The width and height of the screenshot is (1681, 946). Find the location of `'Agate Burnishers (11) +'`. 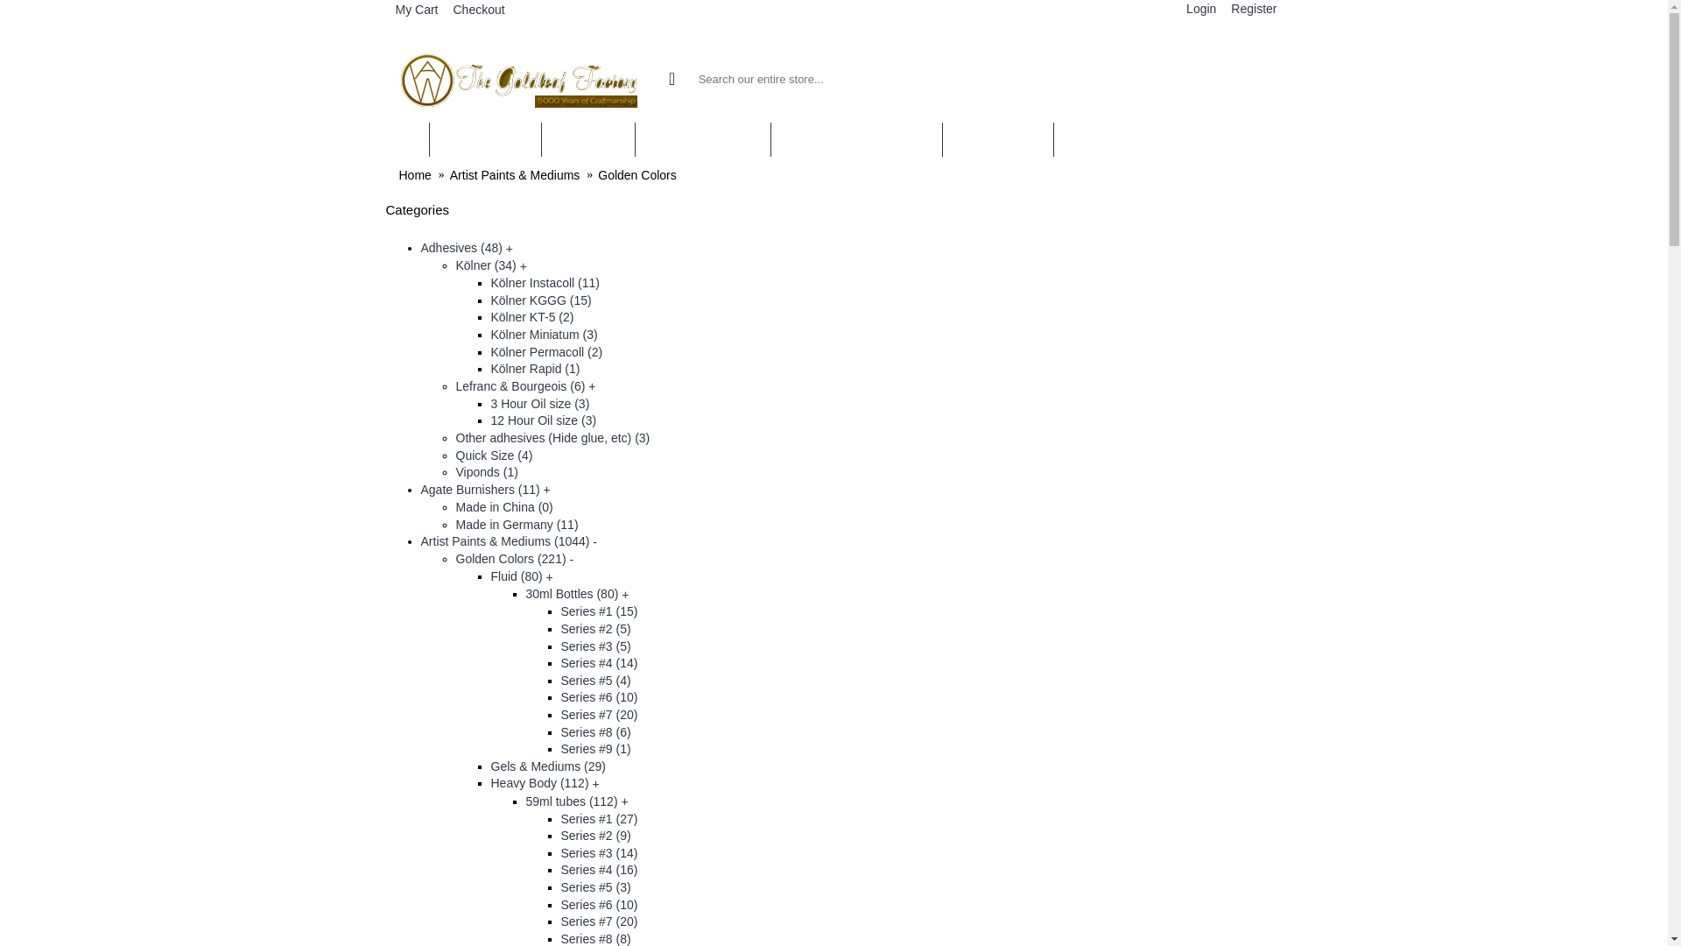

'Agate Burnishers (11) +' is located at coordinates (484, 490).